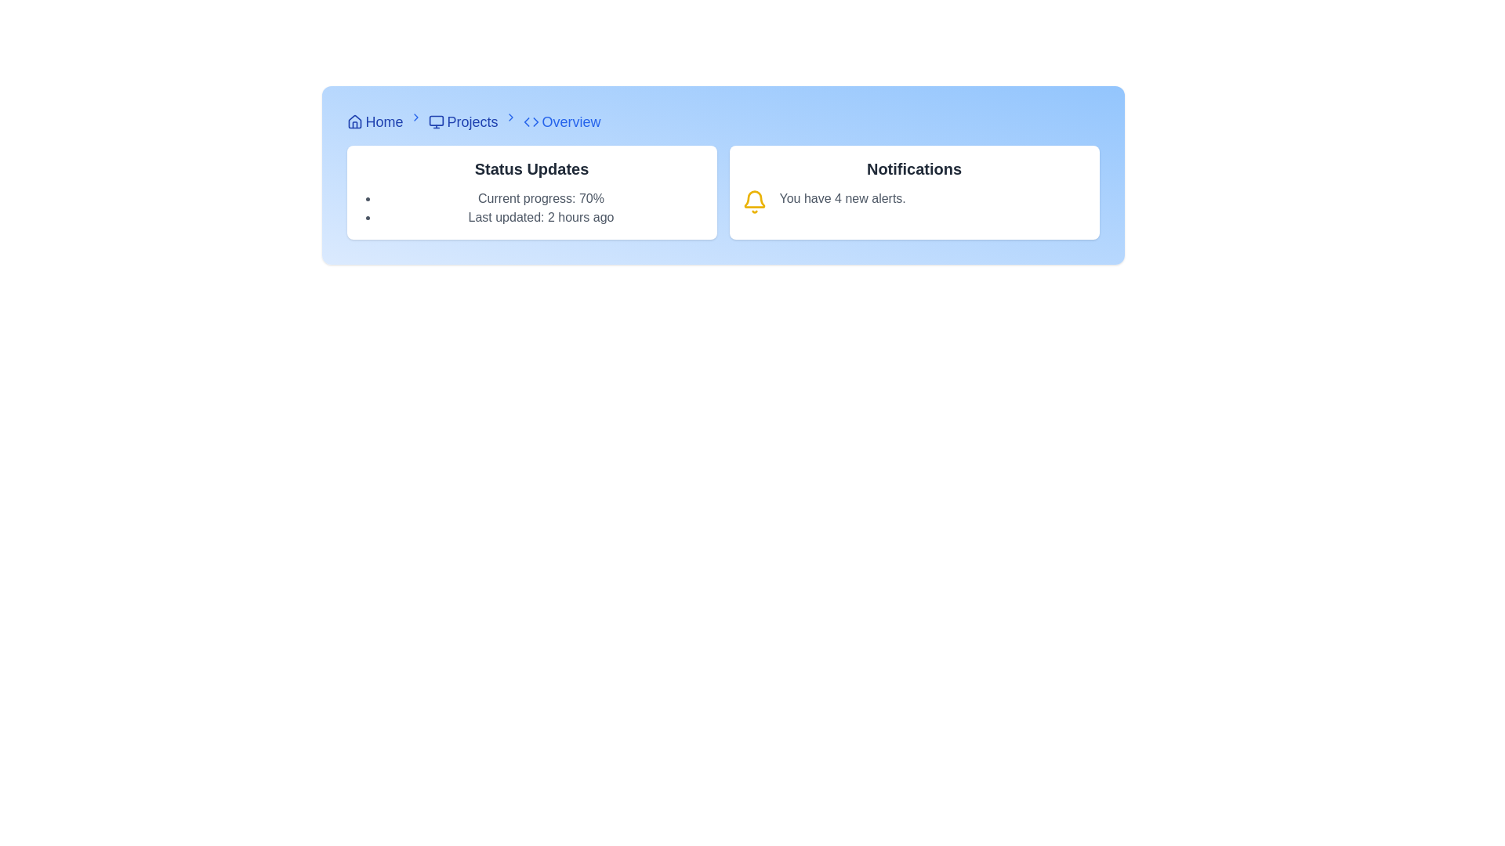  What do you see at coordinates (842, 201) in the screenshot?
I see `the text label that reads 'You have 4 new alerts.' within the Notifications panel, which is positioned to the right of the Status Updates panel and immediately to the right of the yellow bell icon` at bounding box center [842, 201].